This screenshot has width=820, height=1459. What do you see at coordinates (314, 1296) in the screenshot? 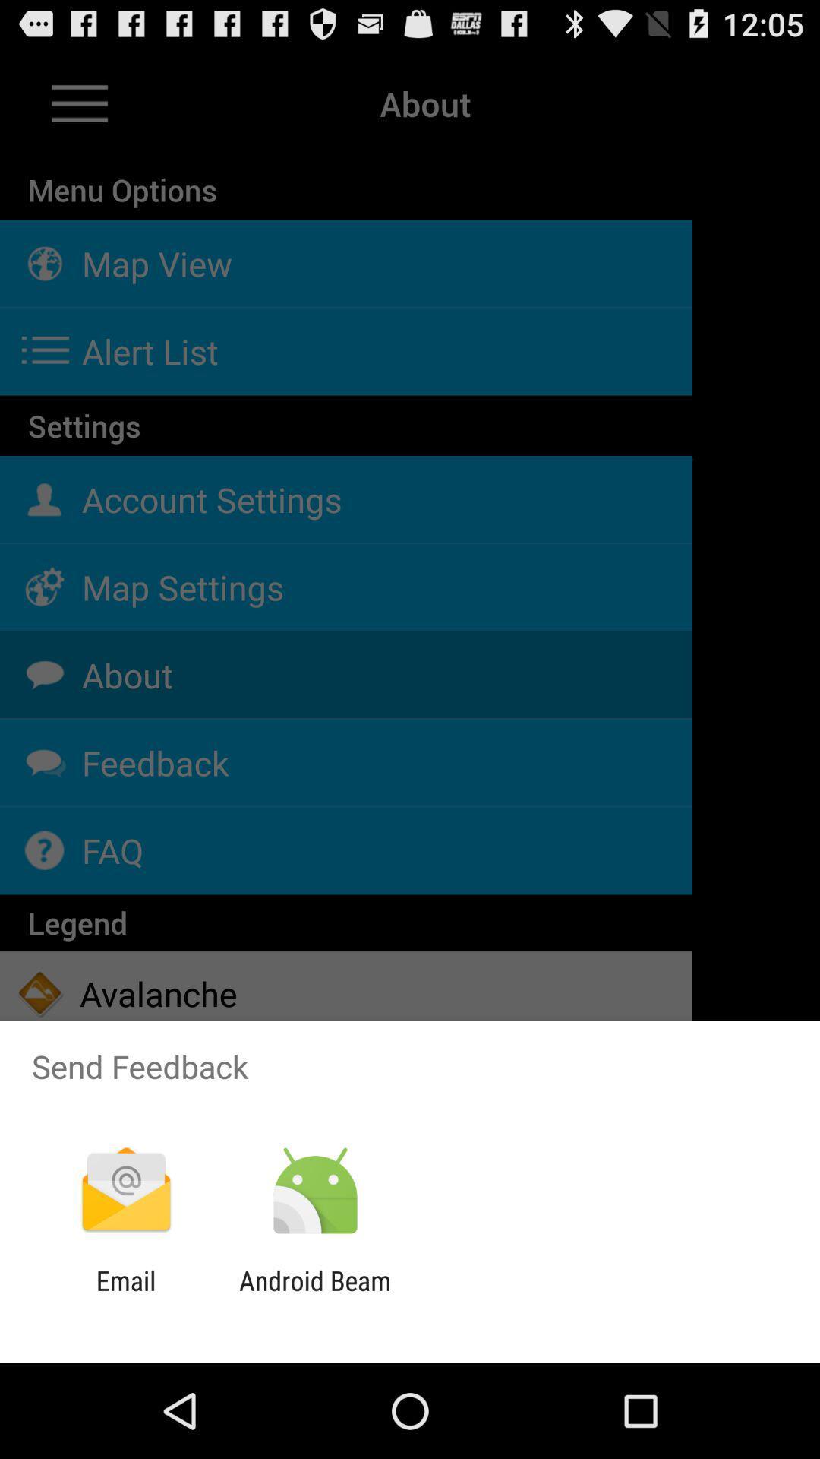
I see `the android beam` at bounding box center [314, 1296].